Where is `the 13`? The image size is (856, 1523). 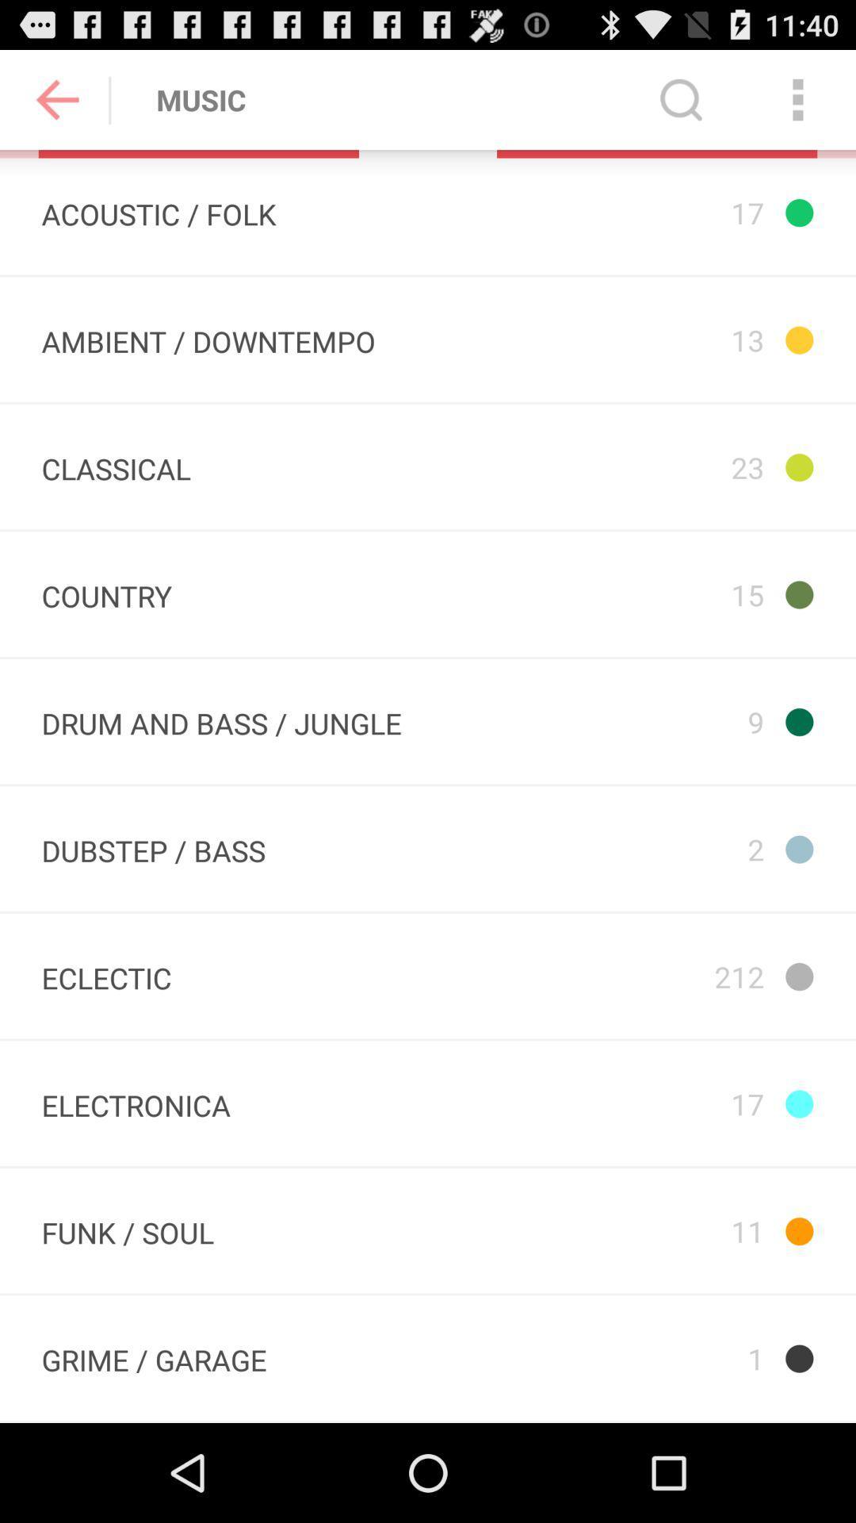
the 13 is located at coordinates (674, 339).